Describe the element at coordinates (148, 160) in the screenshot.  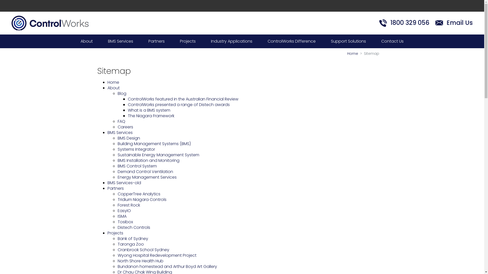
I see `'BMS Installation and Monitoring'` at that location.